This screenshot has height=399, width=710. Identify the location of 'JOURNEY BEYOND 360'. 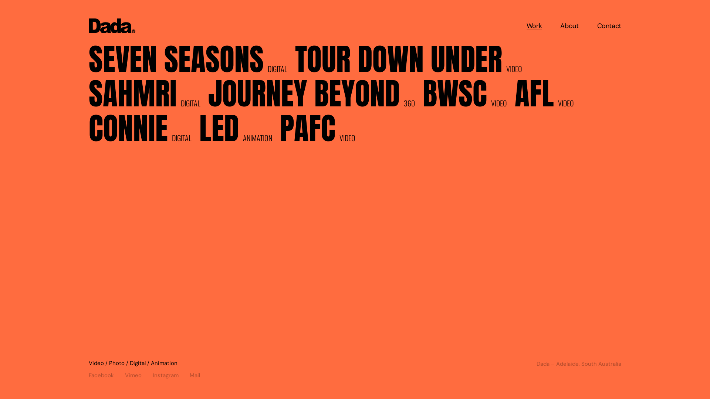
(207, 96).